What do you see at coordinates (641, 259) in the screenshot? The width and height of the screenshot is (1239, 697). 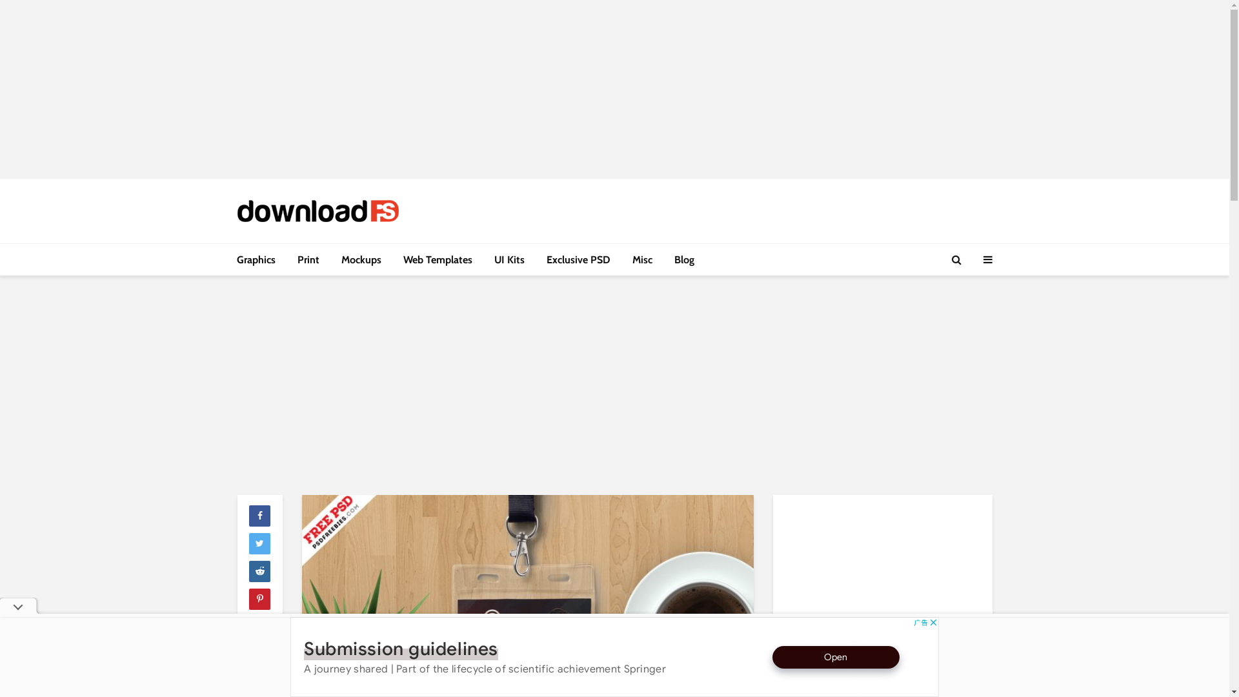 I see `'Misc'` at bounding box center [641, 259].